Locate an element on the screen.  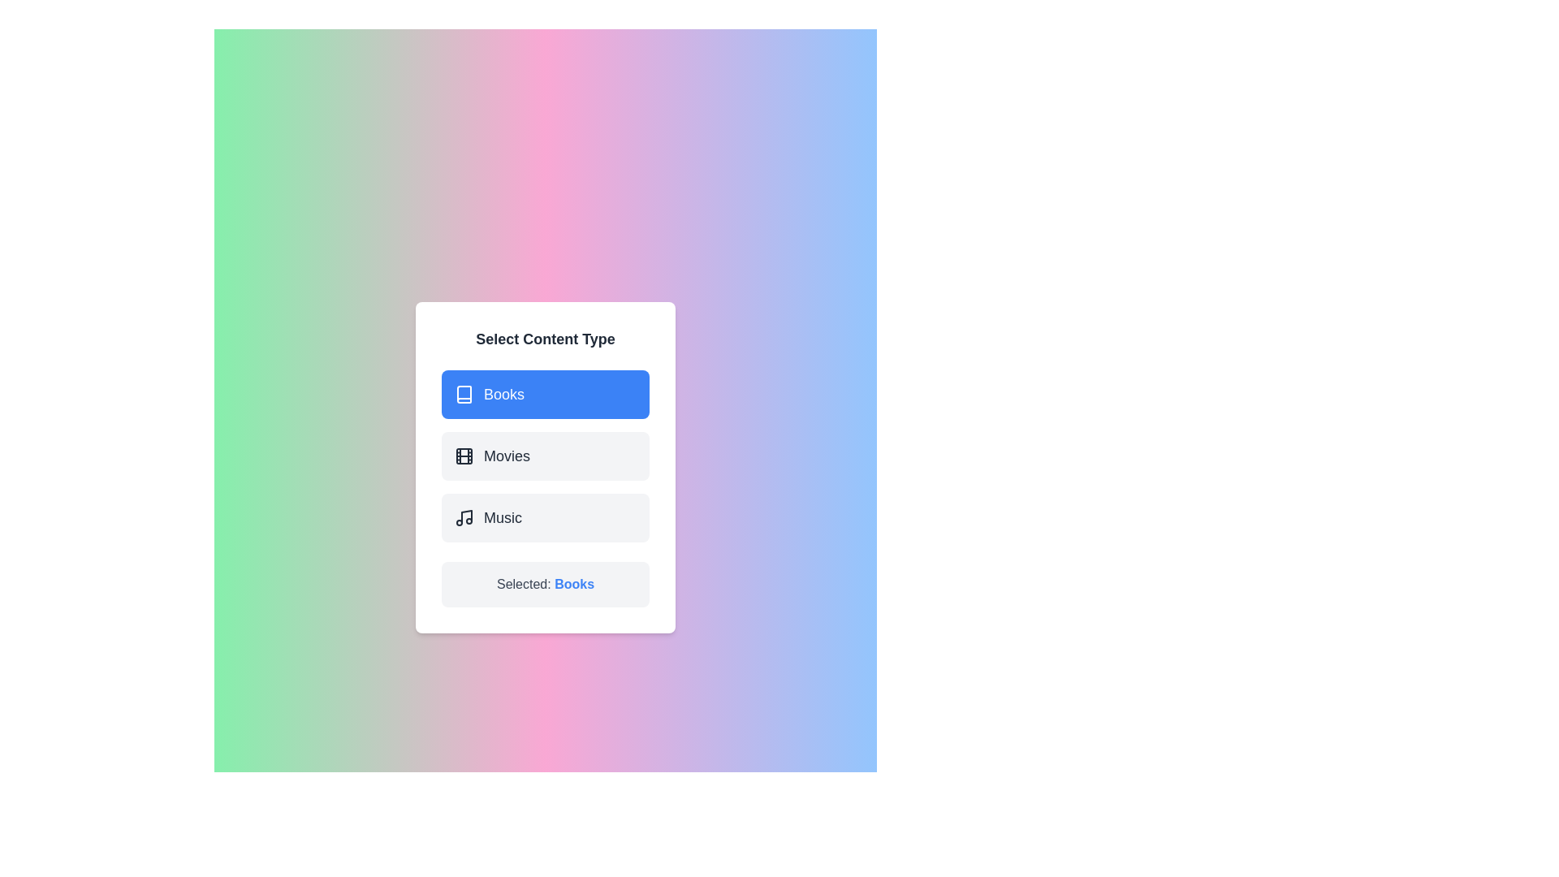
the vertical stem of the music icon, which is positioned next to the text 'Music' in the 'Select Content Type' list is located at coordinates (466, 516).